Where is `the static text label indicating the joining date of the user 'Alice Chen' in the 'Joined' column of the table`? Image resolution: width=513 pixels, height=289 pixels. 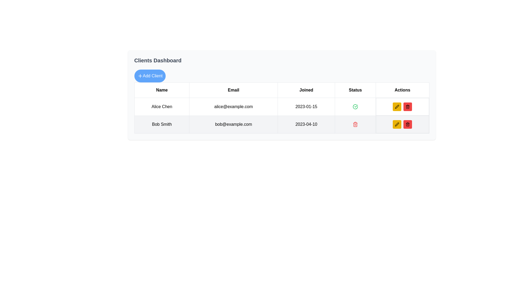 the static text label indicating the joining date of the user 'Alice Chen' in the 'Joined' column of the table is located at coordinates (306, 107).